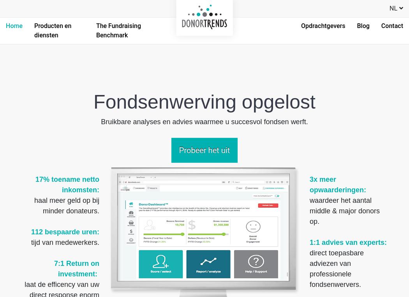 The height and width of the screenshot is (297, 409). Describe the element at coordinates (204, 150) in the screenshot. I see `'Probeer het uit'` at that location.